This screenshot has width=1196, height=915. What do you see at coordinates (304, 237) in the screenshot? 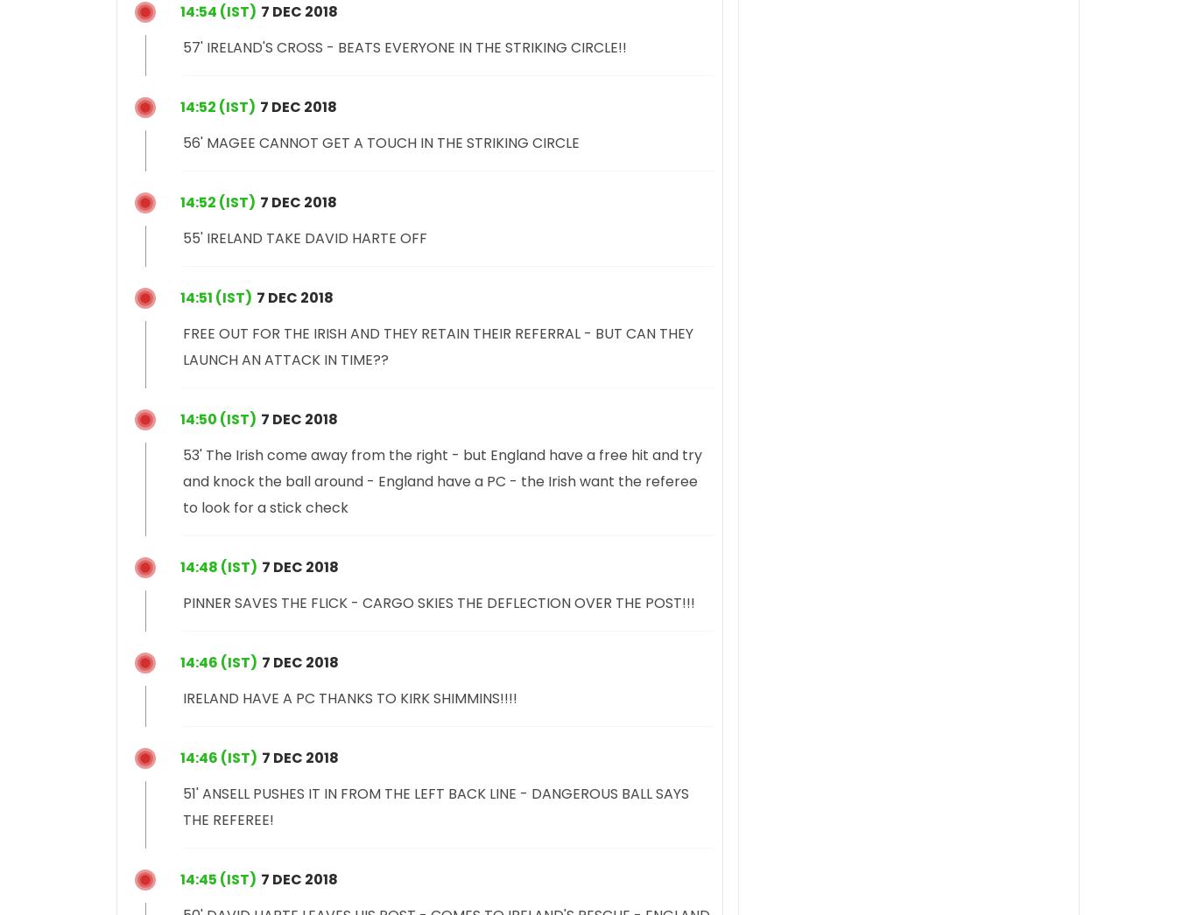
I see `'55' IRELAND TAKE DAVID HARTE OFF'` at bounding box center [304, 237].